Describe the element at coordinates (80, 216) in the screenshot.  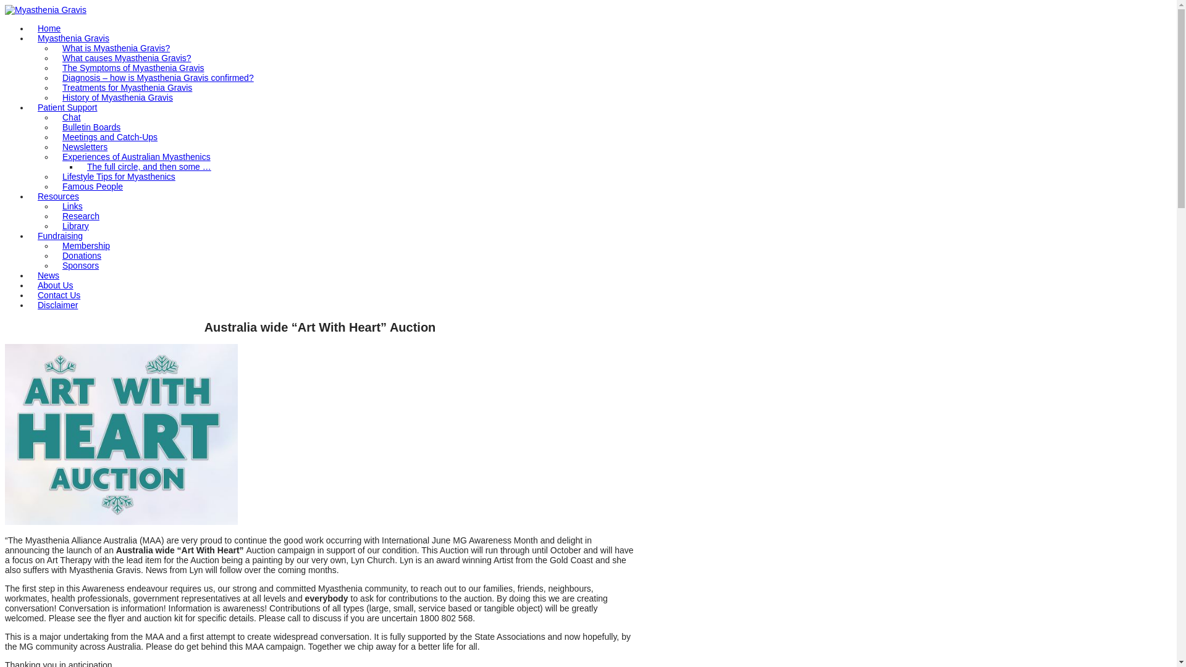
I see `'Research'` at that location.